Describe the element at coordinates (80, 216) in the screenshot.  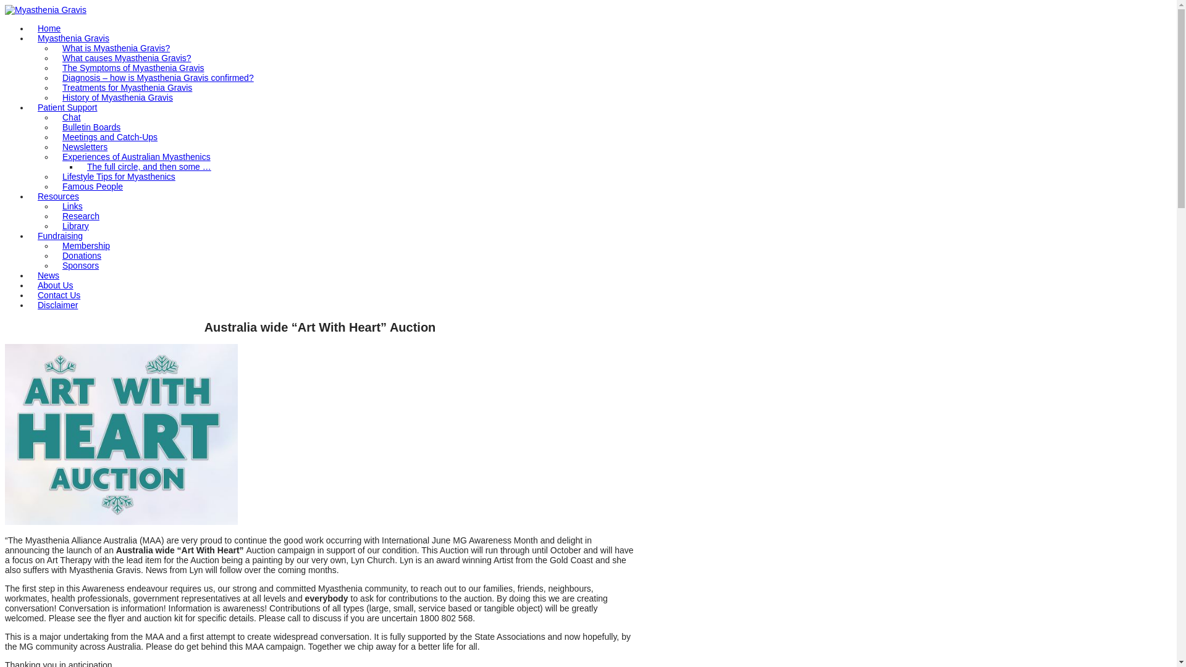
I see `'Research'` at that location.